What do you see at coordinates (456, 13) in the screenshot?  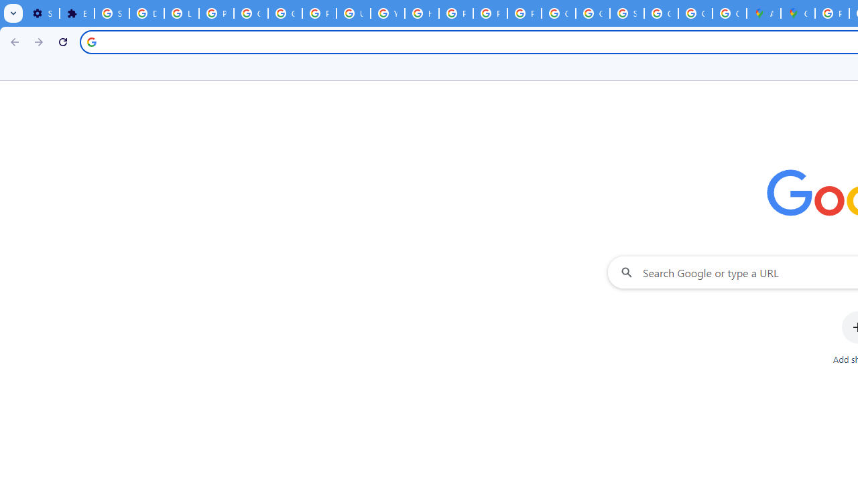 I see `'Privacy Help Center - Policies Help'` at bounding box center [456, 13].